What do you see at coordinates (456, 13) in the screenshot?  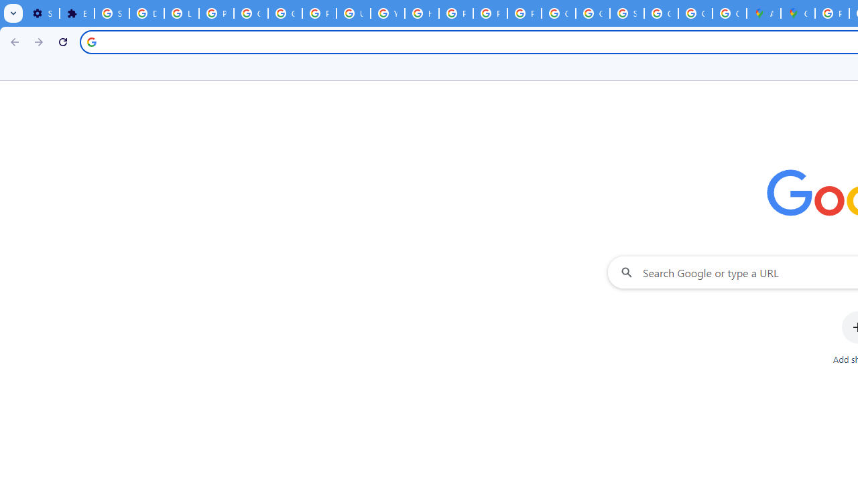 I see `'Privacy Help Center - Policies Help'` at bounding box center [456, 13].